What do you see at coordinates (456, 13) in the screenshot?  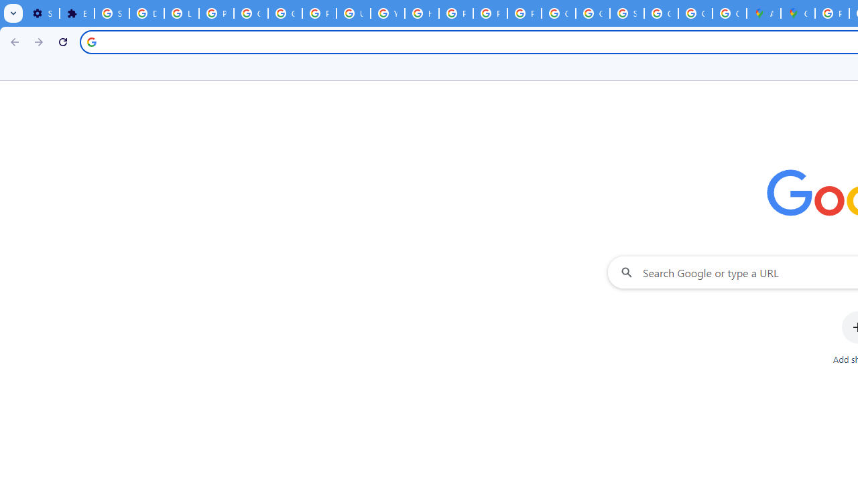 I see `'Privacy Help Center - Policies Help'` at bounding box center [456, 13].